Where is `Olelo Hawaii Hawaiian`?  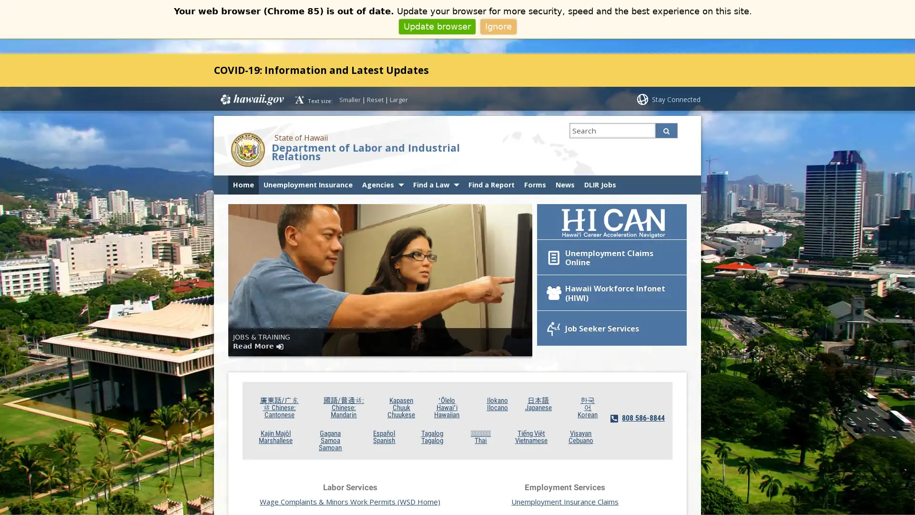 Olelo Hawaii Hawaiian is located at coordinates (446, 411).